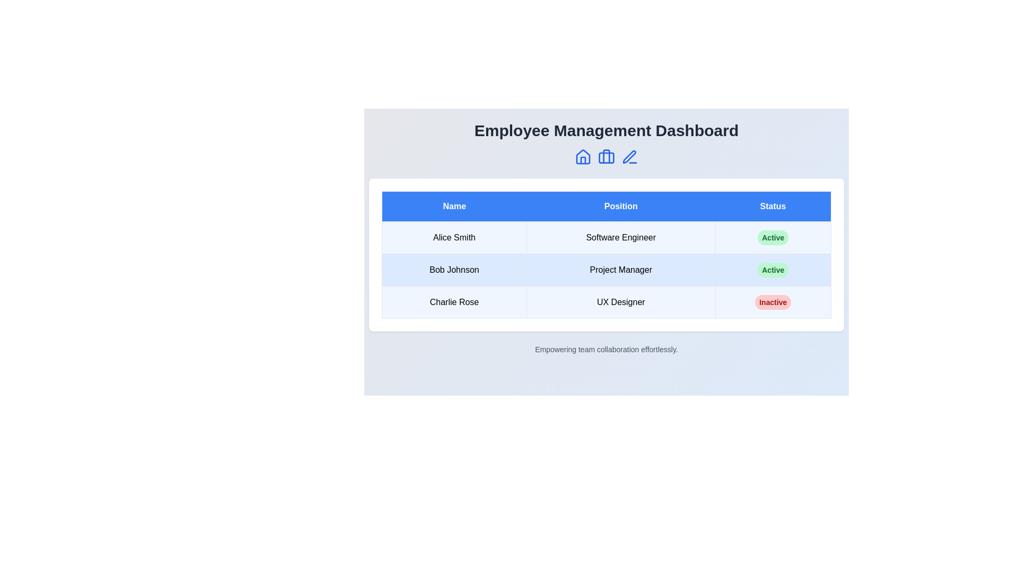 This screenshot has height=572, width=1018. Describe the element at coordinates (773, 237) in the screenshot. I see `the 'Active' status badge located in the 'Status' column of the employee data table for Alice Smith` at that location.